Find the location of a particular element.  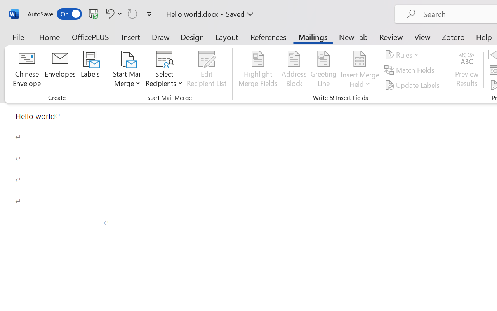

'Update Labels' is located at coordinates (413, 85).